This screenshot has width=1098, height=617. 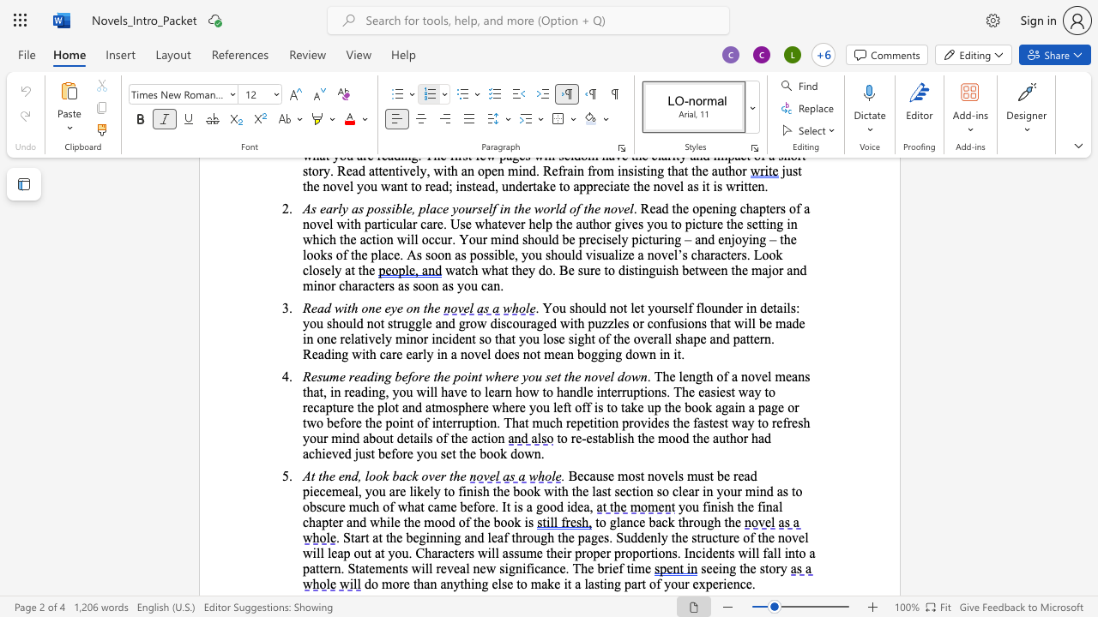 What do you see at coordinates (747, 422) in the screenshot?
I see `the space between the continuous character "a" and "y" in the text` at bounding box center [747, 422].